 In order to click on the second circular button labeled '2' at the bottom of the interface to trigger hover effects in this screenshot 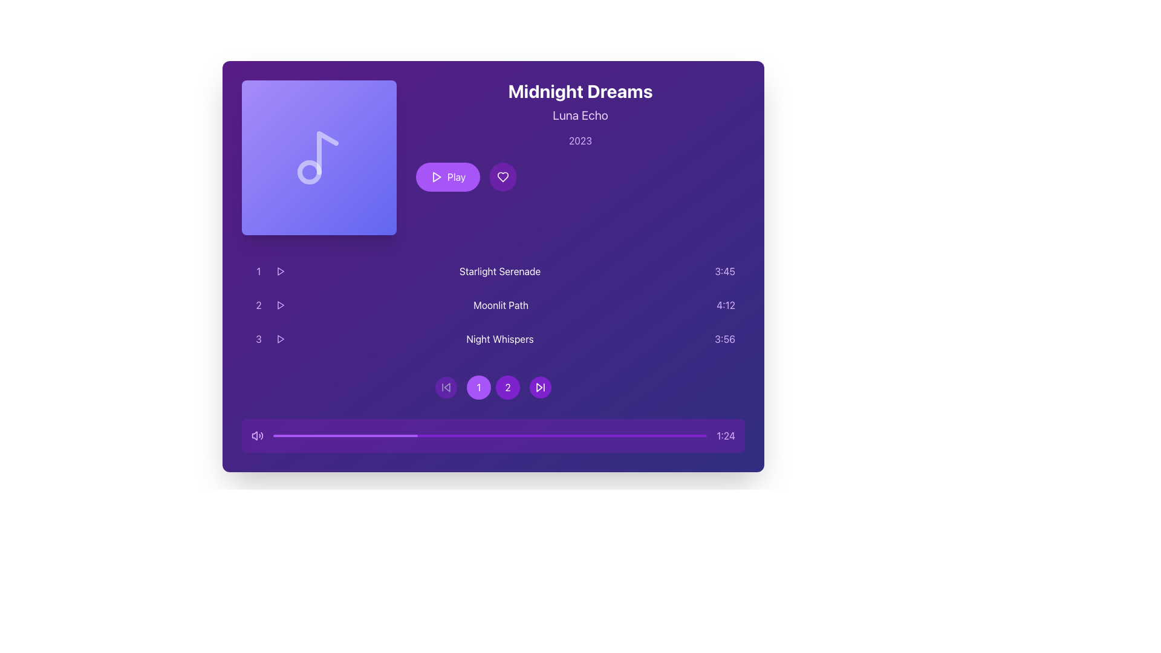, I will do `click(508, 387)`.